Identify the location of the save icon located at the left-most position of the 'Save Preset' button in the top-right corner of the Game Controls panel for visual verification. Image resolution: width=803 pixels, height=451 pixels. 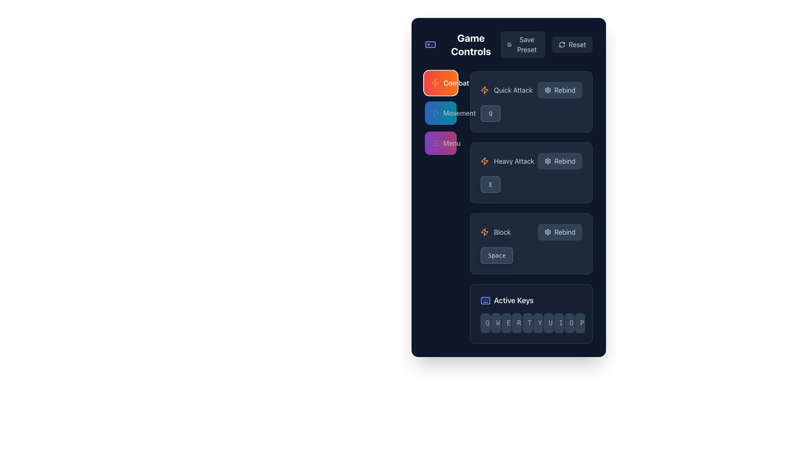
(509, 45).